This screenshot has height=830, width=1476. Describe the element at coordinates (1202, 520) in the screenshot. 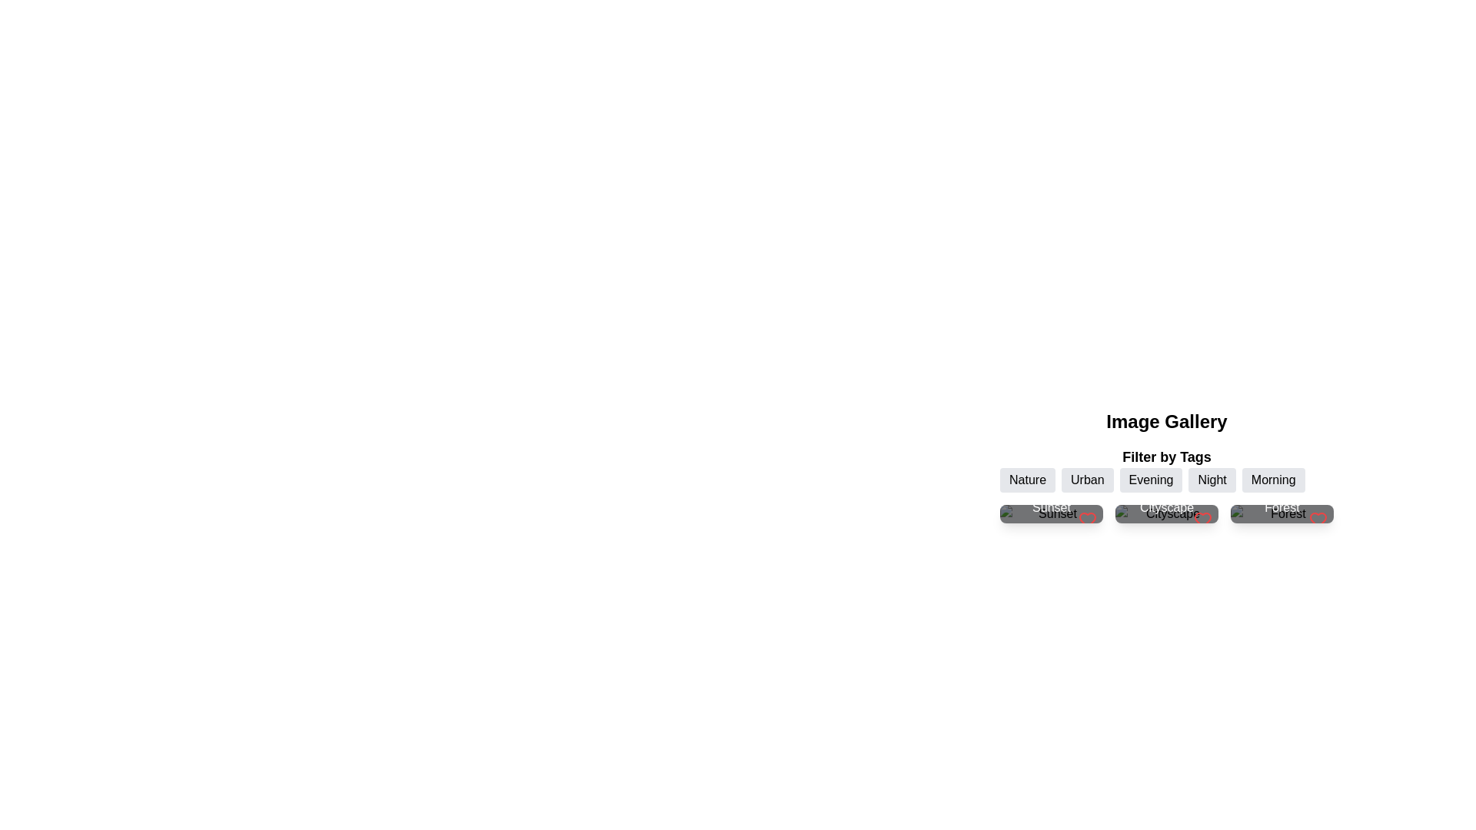

I see `the heart icon in the upper-right corner of the 'Cityscape' card` at that location.